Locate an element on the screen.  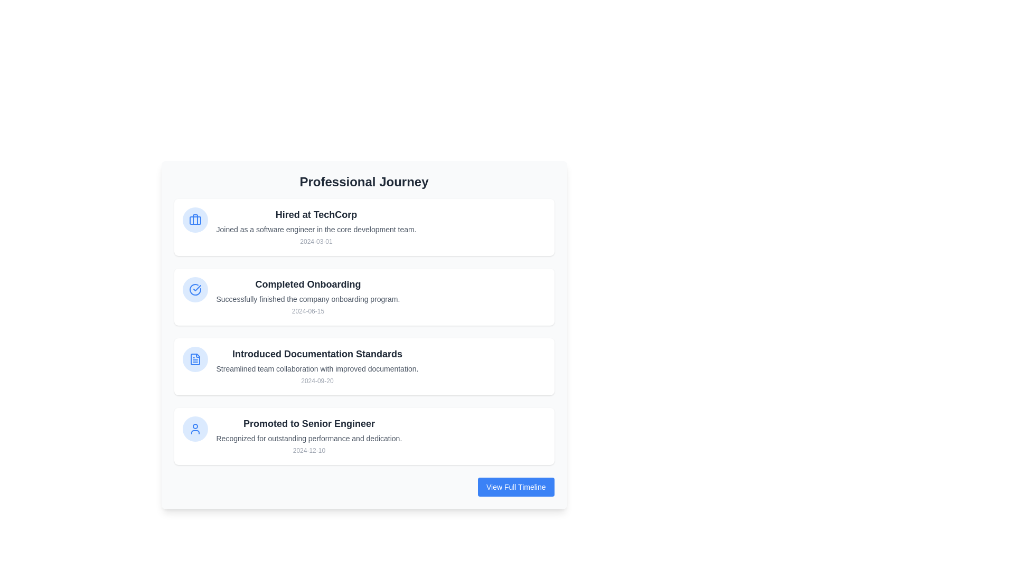
the Text Display Area that provides information about the milestone 'Completed Onboarding', located in the second card of a vertical list, between 'Hired at TechCorp' and 'Introduced Documentation Standards' is located at coordinates (307, 297).